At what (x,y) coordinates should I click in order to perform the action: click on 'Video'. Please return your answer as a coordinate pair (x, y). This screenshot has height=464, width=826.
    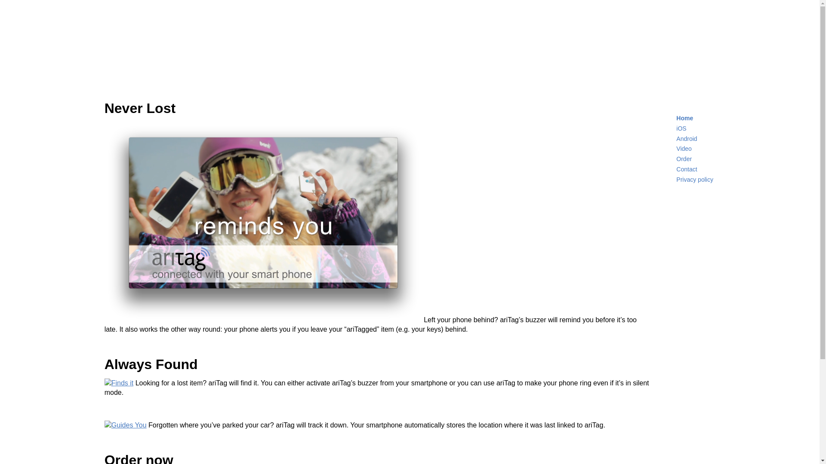
    Looking at the image, I should click on (675, 148).